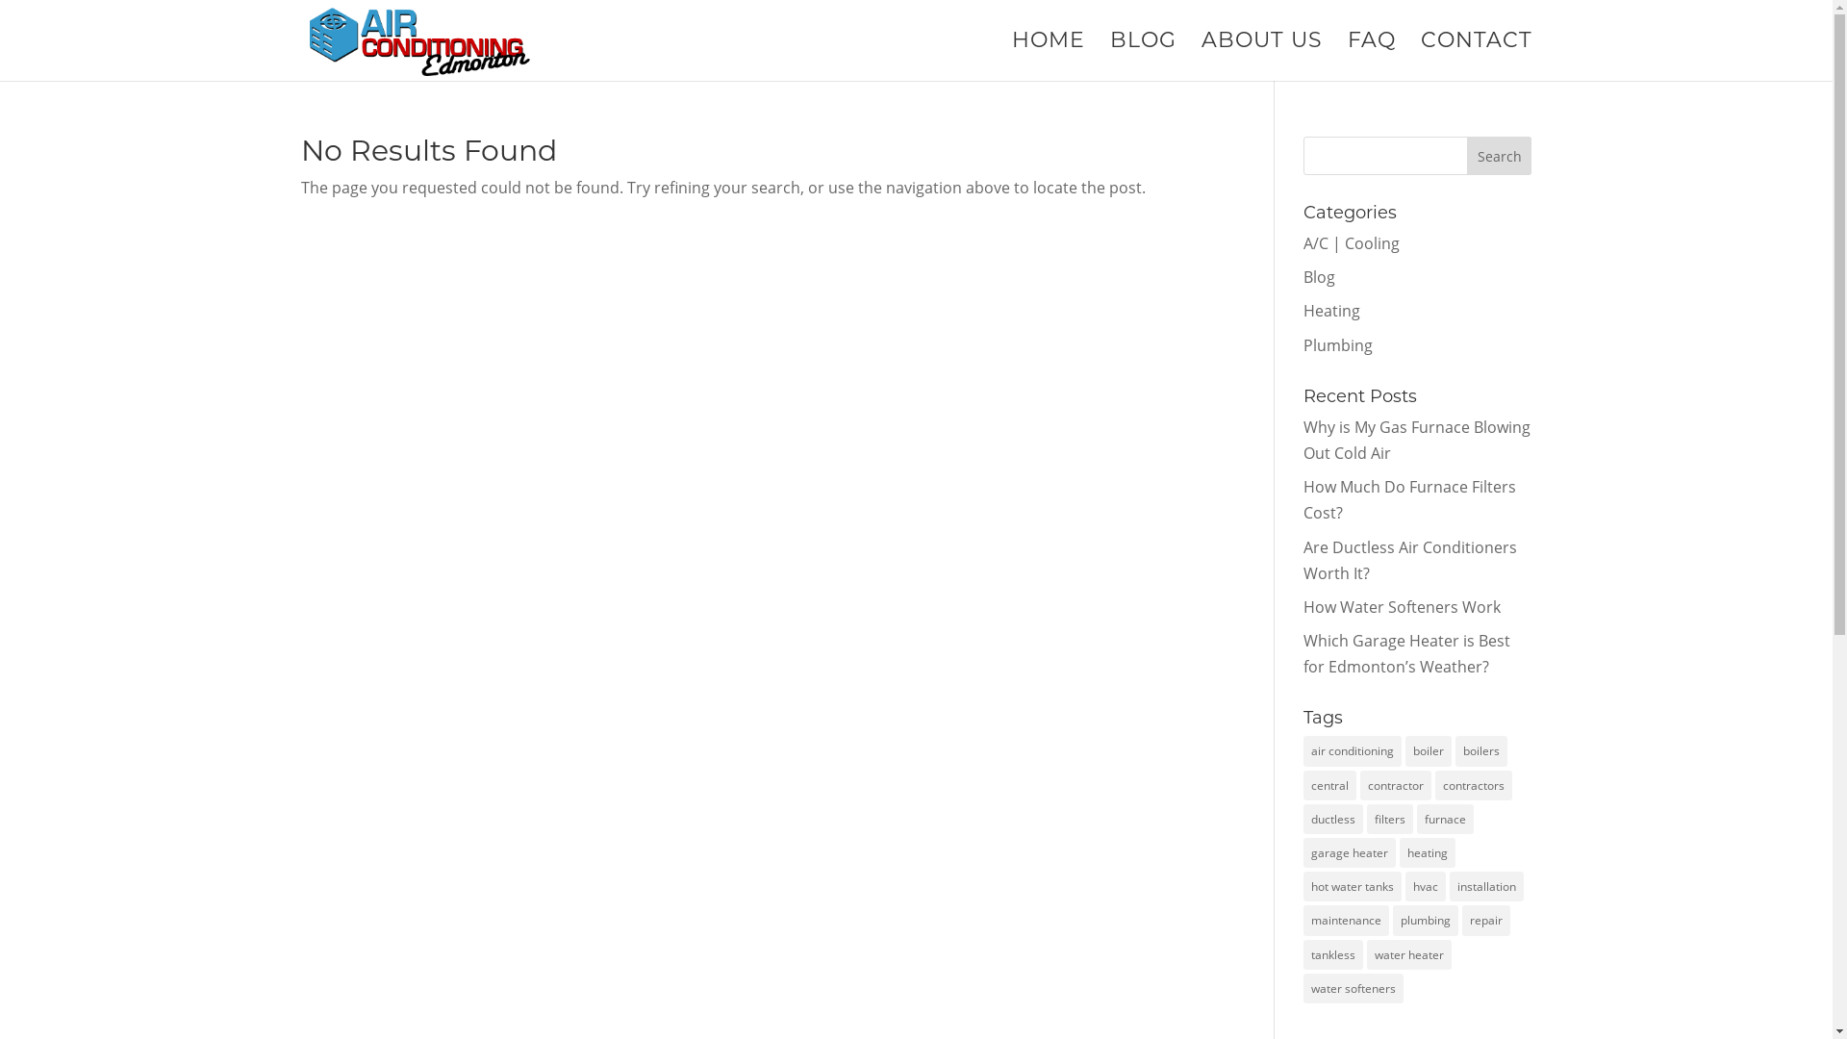 The height and width of the screenshot is (1039, 1847). I want to click on 'filters', so click(1389, 819).